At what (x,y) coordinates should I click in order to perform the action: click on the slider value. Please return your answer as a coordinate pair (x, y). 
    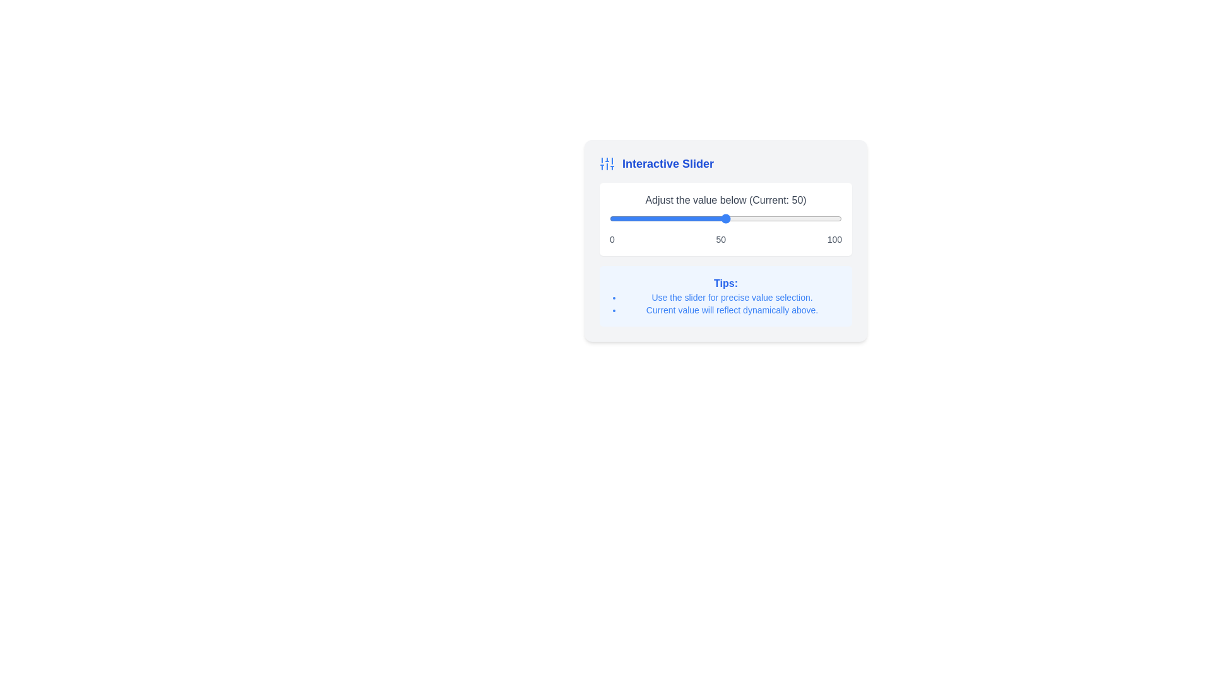
    Looking at the image, I should click on (774, 218).